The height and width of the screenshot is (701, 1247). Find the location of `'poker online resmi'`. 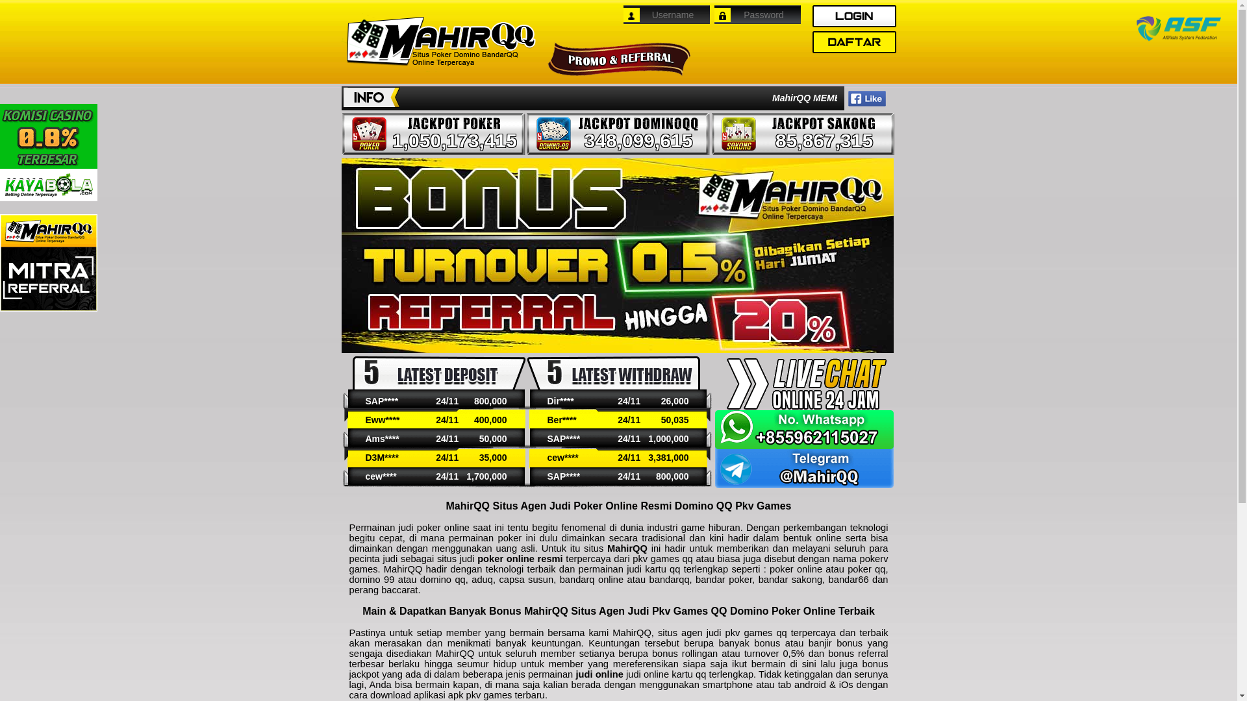

'poker online resmi' is located at coordinates (520, 558).